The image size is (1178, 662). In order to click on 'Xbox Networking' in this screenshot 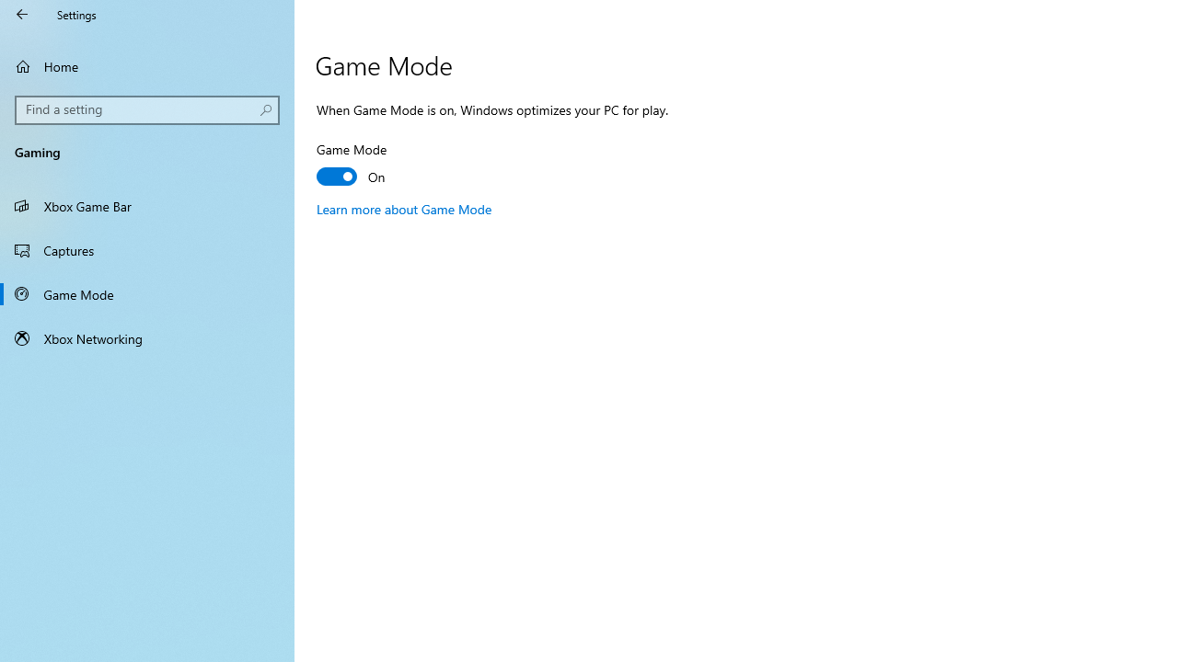, I will do `click(147, 337)`.